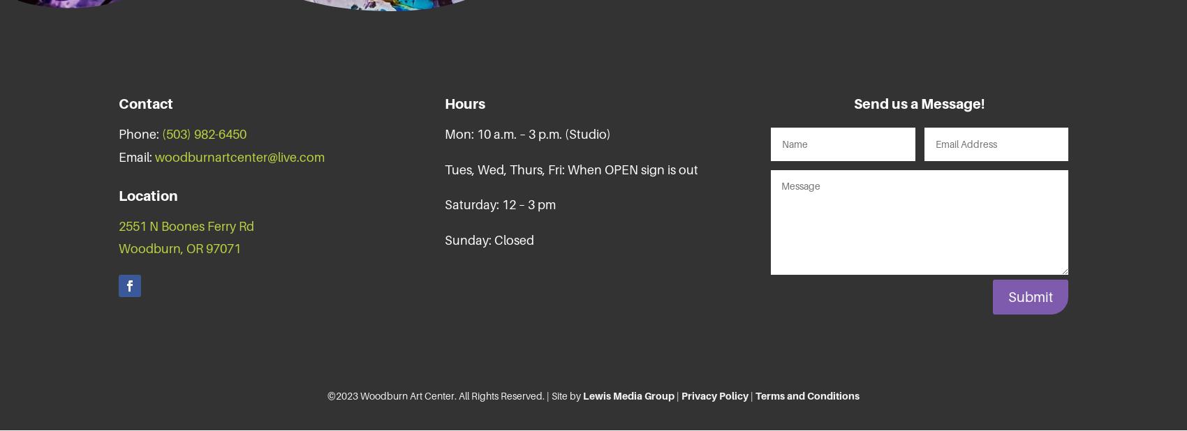 The width and height of the screenshot is (1187, 431). What do you see at coordinates (162, 134) in the screenshot?
I see `'(503) 982-6450'` at bounding box center [162, 134].